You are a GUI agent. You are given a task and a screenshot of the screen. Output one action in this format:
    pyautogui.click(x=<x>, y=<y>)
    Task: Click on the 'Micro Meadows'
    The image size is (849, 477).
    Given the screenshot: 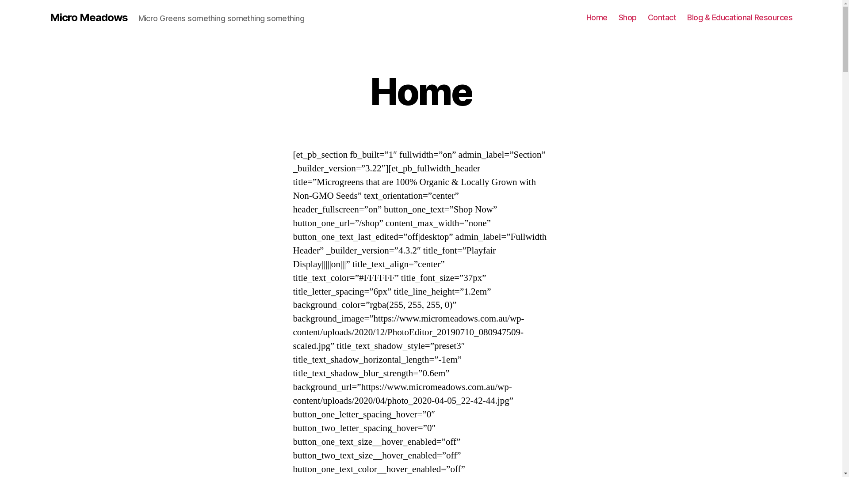 What is the action you would take?
    pyautogui.click(x=88, y=17)
    